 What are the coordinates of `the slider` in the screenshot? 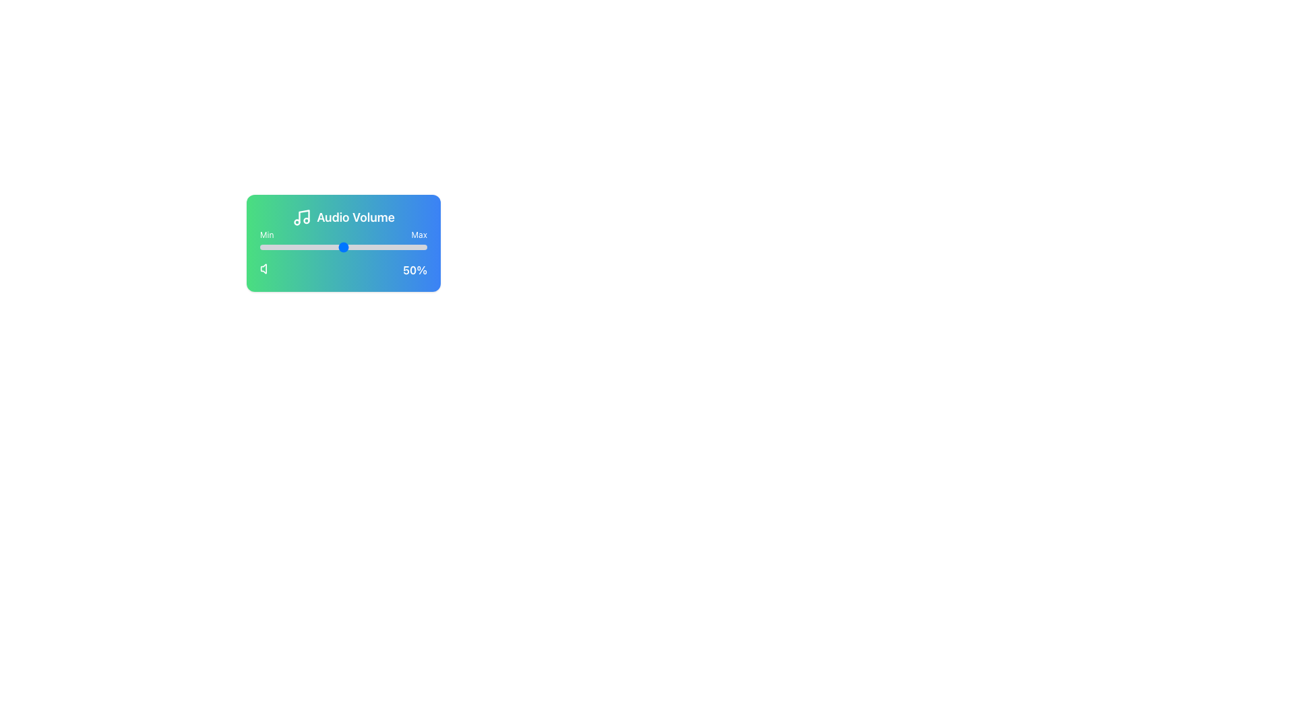 It's located at (423, 247).